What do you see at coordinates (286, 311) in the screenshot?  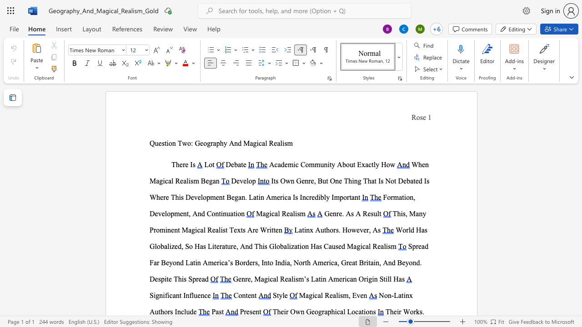 I see `the space between the continuous character "i" and "r" in the text` at bounding box center [286, 311].